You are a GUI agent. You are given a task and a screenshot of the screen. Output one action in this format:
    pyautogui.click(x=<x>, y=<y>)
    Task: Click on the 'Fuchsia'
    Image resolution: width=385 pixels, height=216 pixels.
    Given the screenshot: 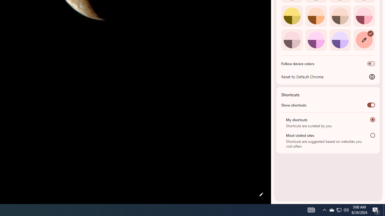 What is the action you would take?
    pyautogui.click(x=316, y=40)
    